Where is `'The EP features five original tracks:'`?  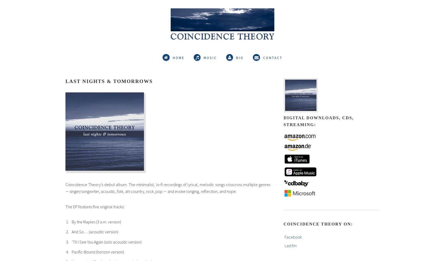
'The EP features five original tracks:' is located at coordinates (65, 206).